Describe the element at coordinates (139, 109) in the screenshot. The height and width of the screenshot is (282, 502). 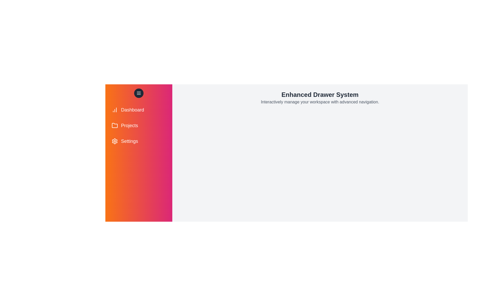
I see `the menu item Dashboard from the drawer` at that location.